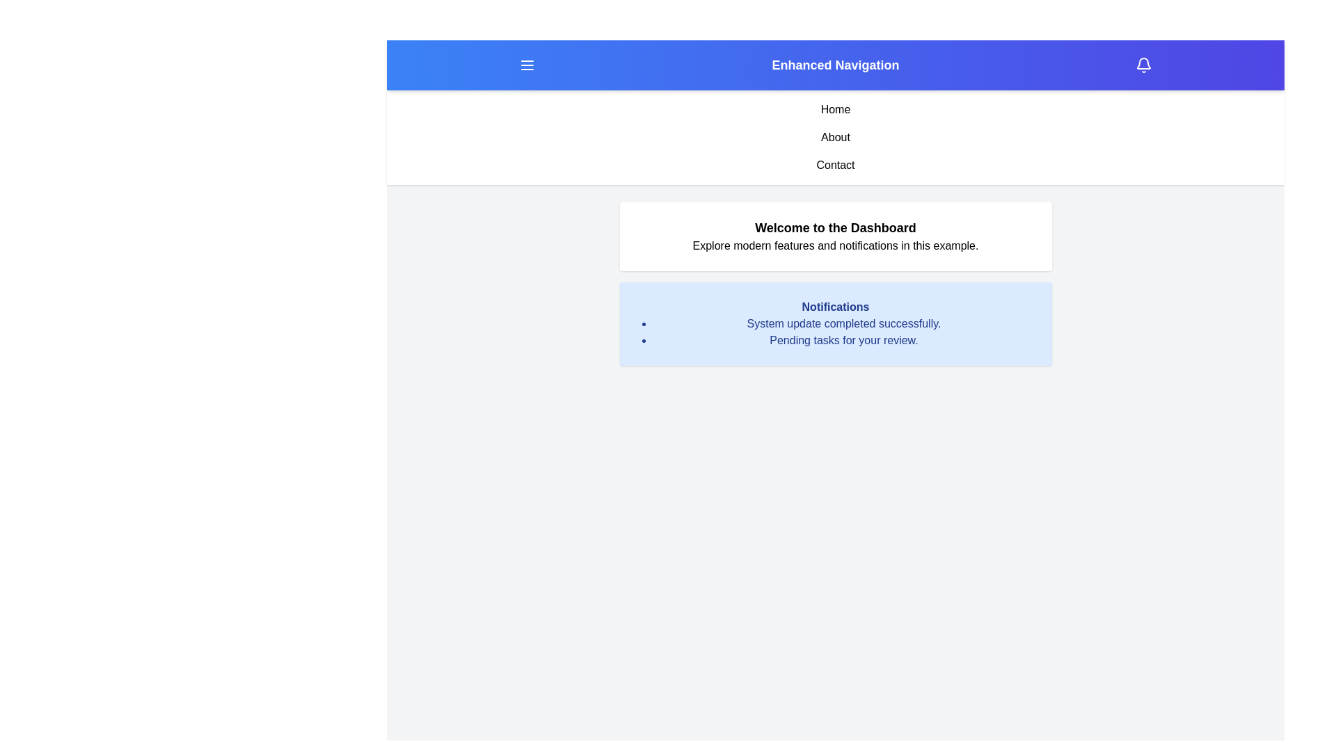 Image resolution: width=1336 pixels, height=751 pixels. Describe the element at coordinates (1143, 65) in the screenshot. I see `the bell icon to toggle the visibility of the notifications` at that location.